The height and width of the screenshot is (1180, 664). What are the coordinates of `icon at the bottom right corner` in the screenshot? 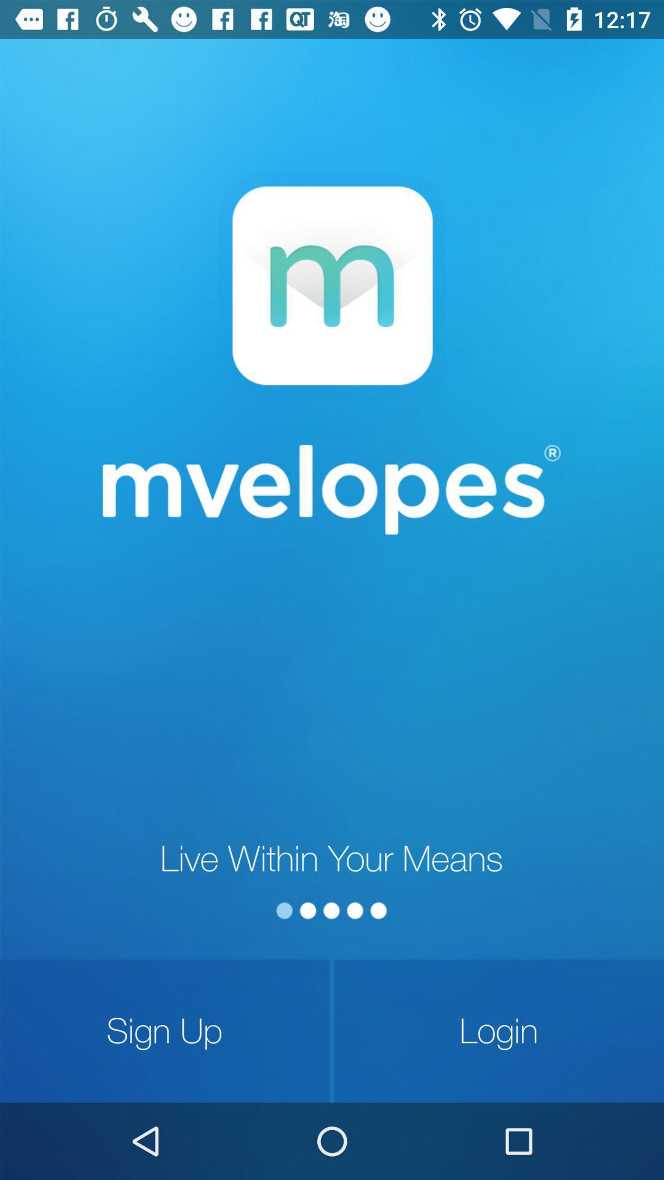 It's located at (499, 1031).